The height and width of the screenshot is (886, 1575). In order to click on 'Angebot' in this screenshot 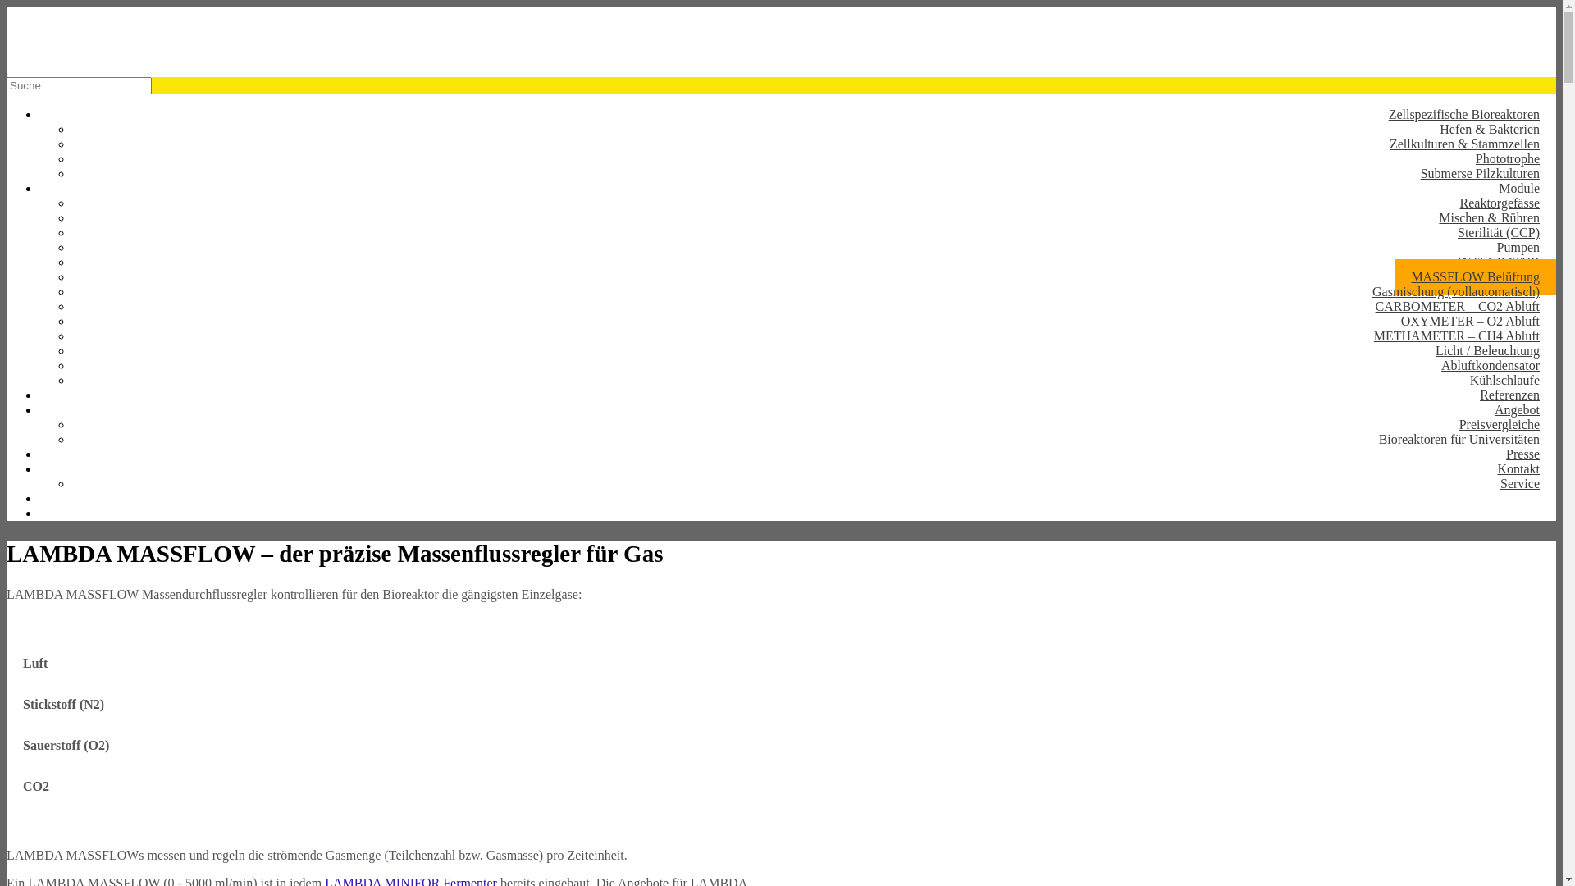, I will do `click(1516, 409)`.